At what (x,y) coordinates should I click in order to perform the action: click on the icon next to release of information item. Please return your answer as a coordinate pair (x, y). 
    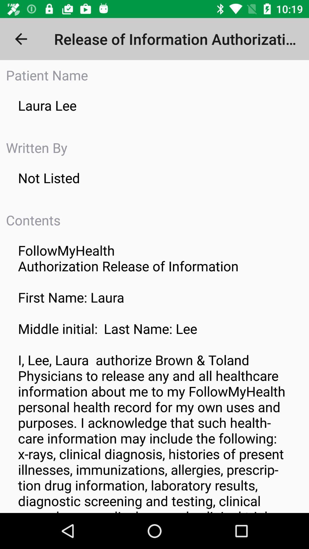
    Looking at the image, I should click on (21, 39).